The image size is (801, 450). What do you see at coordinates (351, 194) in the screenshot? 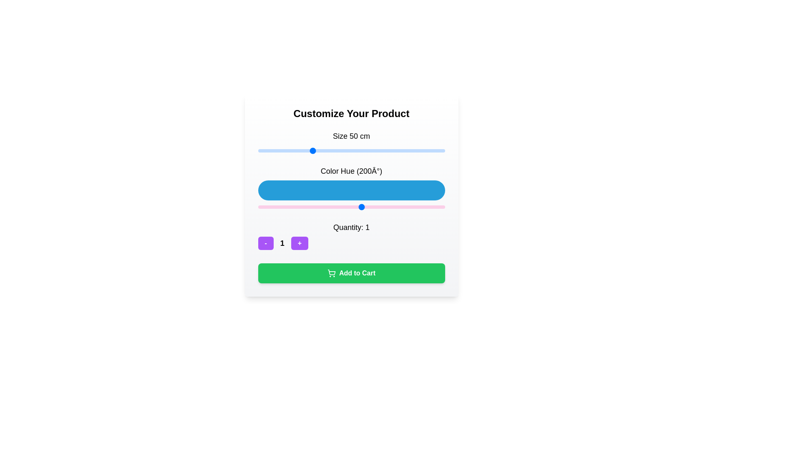
I see `the interactive blue slider component labeled 'Color Hue (200°)'` at bounding box center [351, 194].